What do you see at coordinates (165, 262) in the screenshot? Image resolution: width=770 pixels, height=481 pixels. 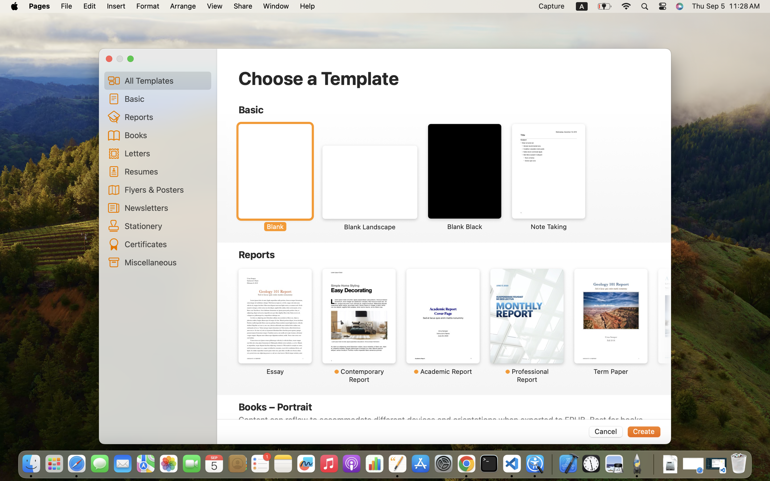 I see `'Miscellaneous'` at bounding box center [165, 262].